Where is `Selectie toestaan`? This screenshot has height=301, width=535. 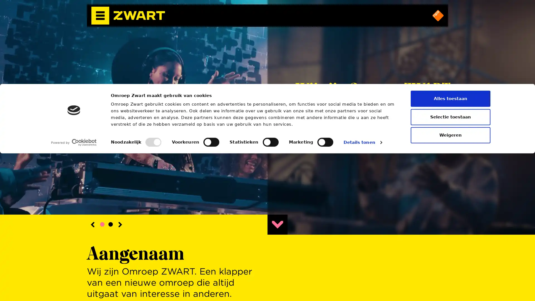 Selectie toestaan is located at coordinates (451, 264).